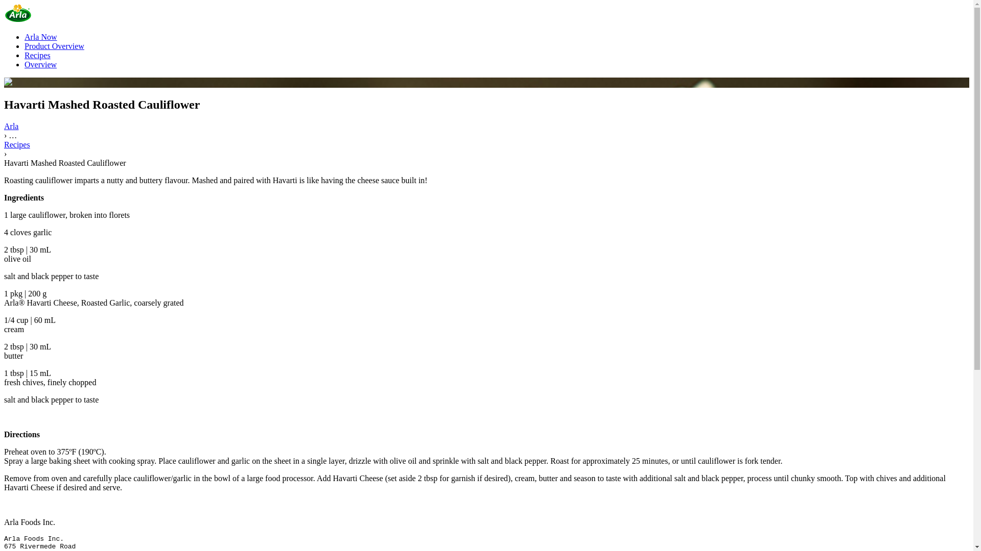 This screenshot has height=551, width=981. Describe the element at coordinates (25, 46) in the screenshot. I see `'Product Overview'` at that location.